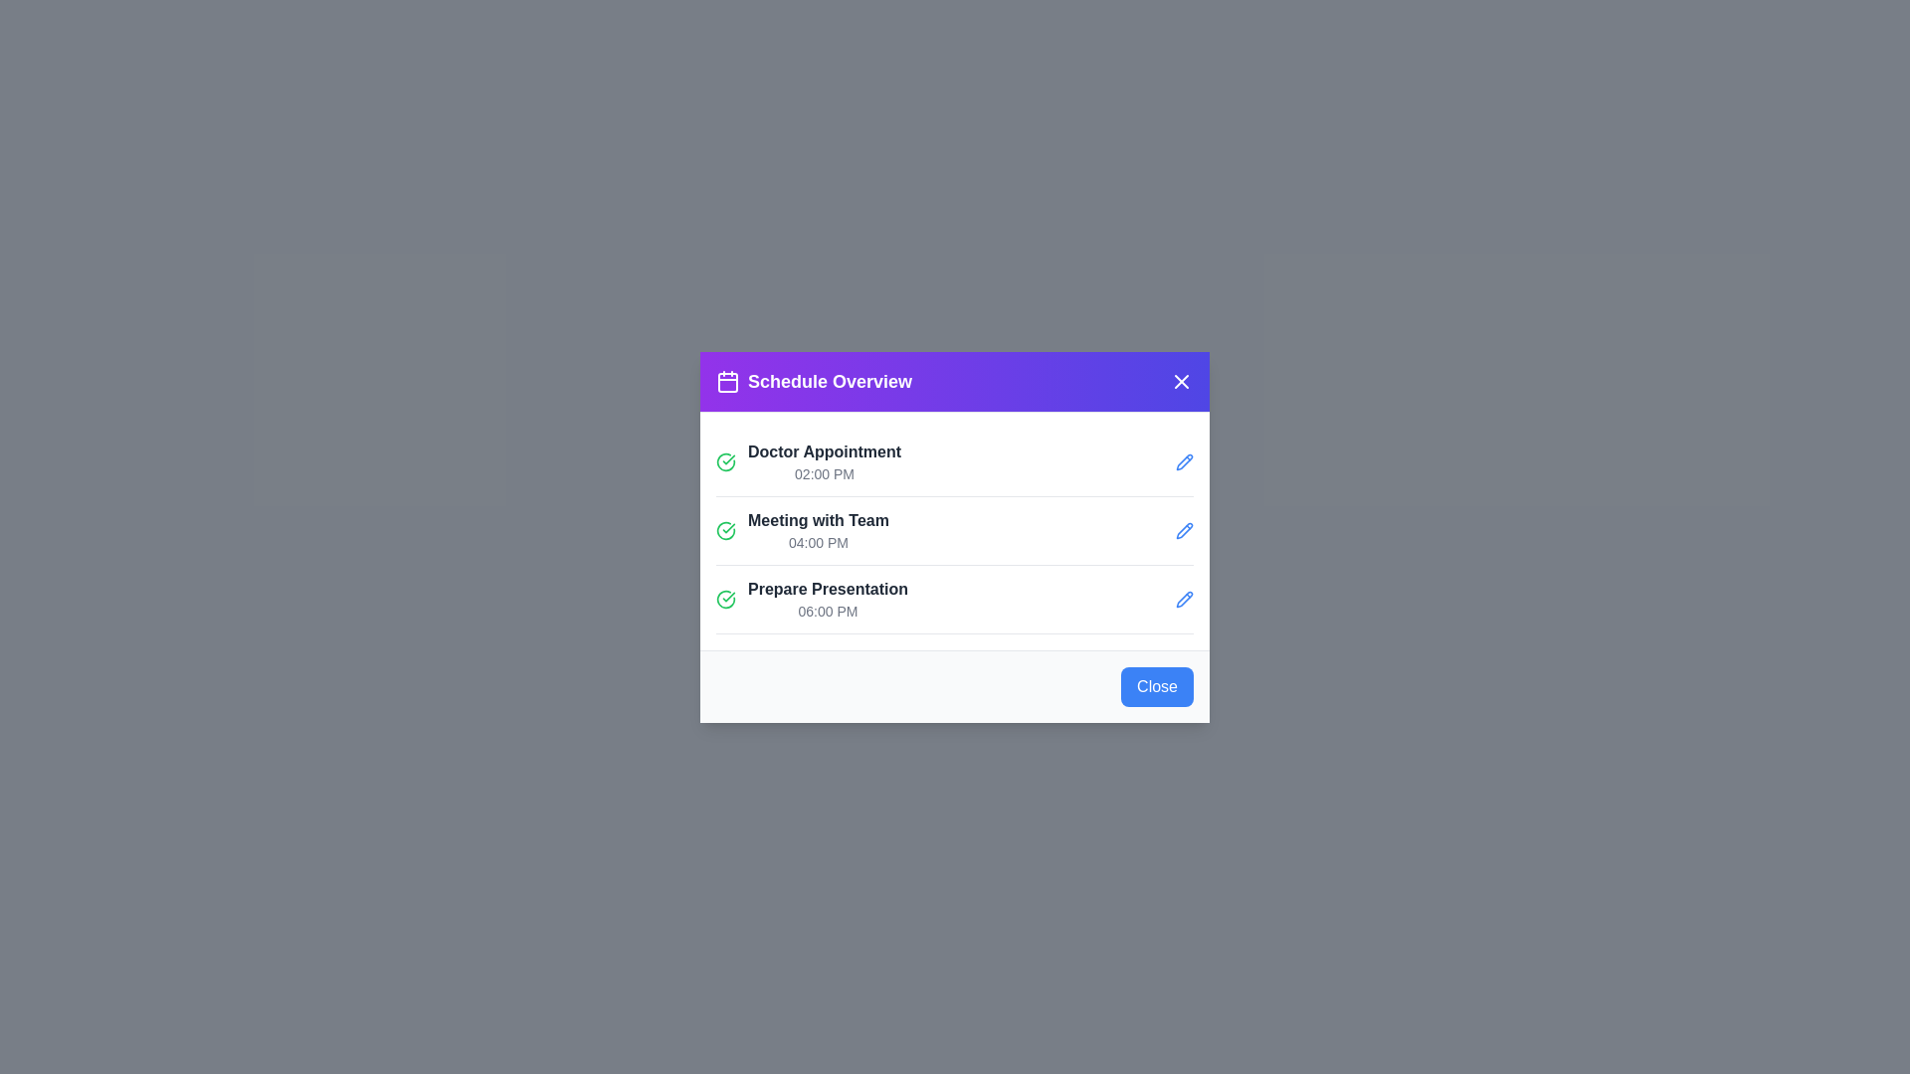 This screenshot has height=1074, width=1910. I want to click on text content of the title label located at the top-left corner of the list entry in the 'Schedule Overview' dialog, which precedes the text '02:00 PM', so click(825, 451).